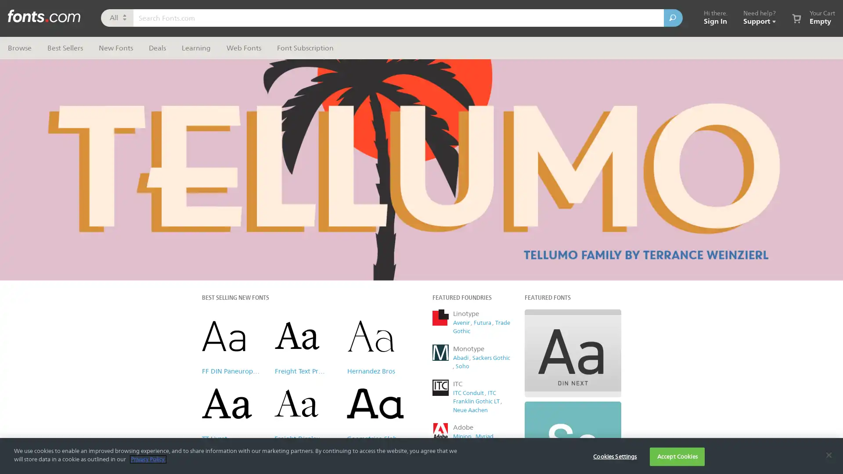 This screenshot has height=474, width=843. Describe the element at coordinates (828, 454) in the screenshot. I see `Close` at that location.